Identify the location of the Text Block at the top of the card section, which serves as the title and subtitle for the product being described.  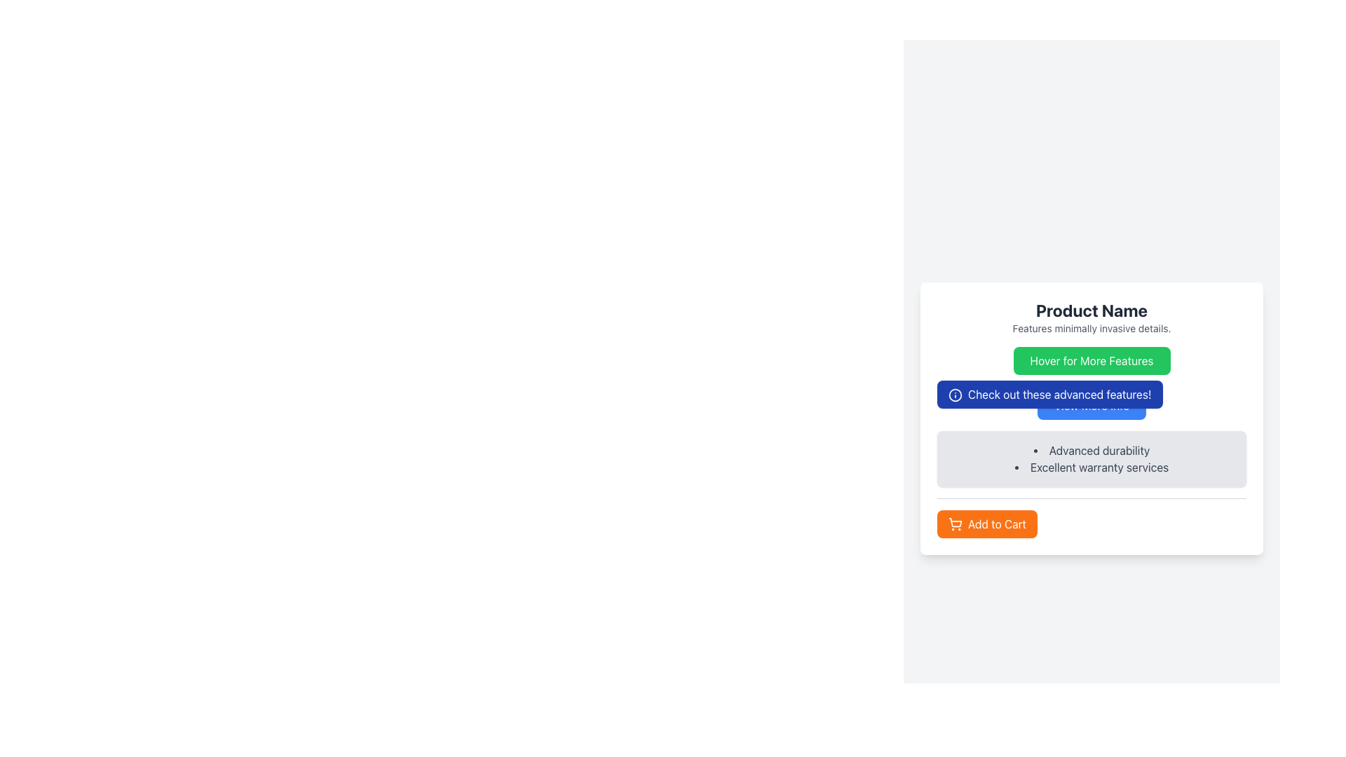
(1091, 317).